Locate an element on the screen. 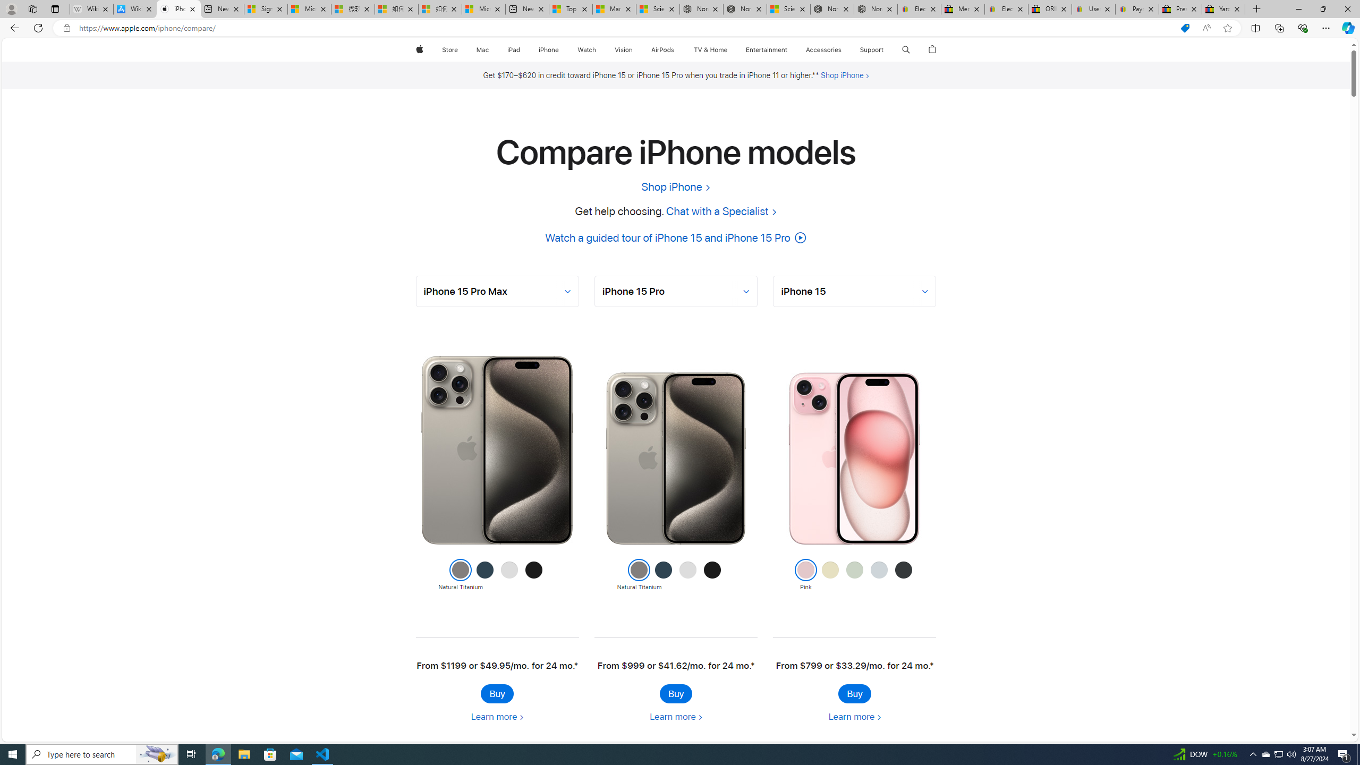  'Store' is located at coordinates (449, 49).